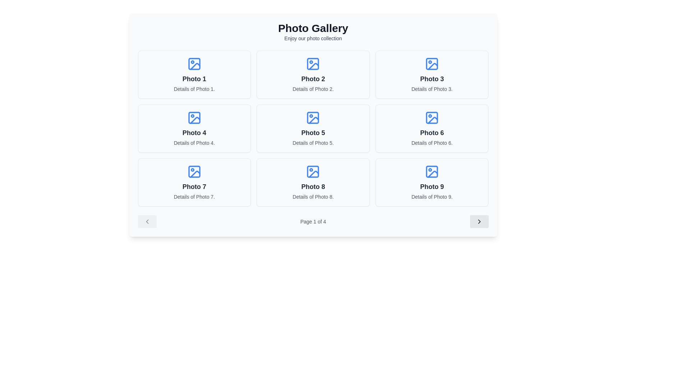 The height and width of the screenshot is (388, 690). Describe the element at coordinates (313, 221) in the screenshot. I see `the Text Label that displays the current page number and total pages available in the gallery, located centrally in the lower section between the navigation arrows` at that location.